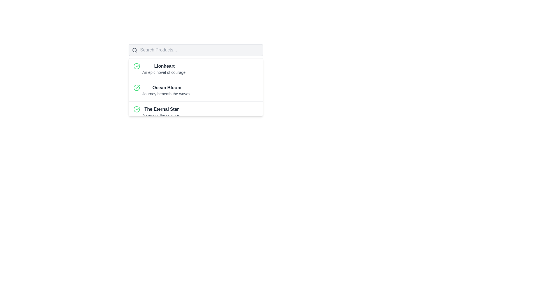  What do you see at coordinates (164, 66) in the screenshot?
I see `the 'Lionheart' text label, which is a bold, dark gray label positioned at the top of a vertical list item, serving as the title above a description` at bounding box center [164, 66].